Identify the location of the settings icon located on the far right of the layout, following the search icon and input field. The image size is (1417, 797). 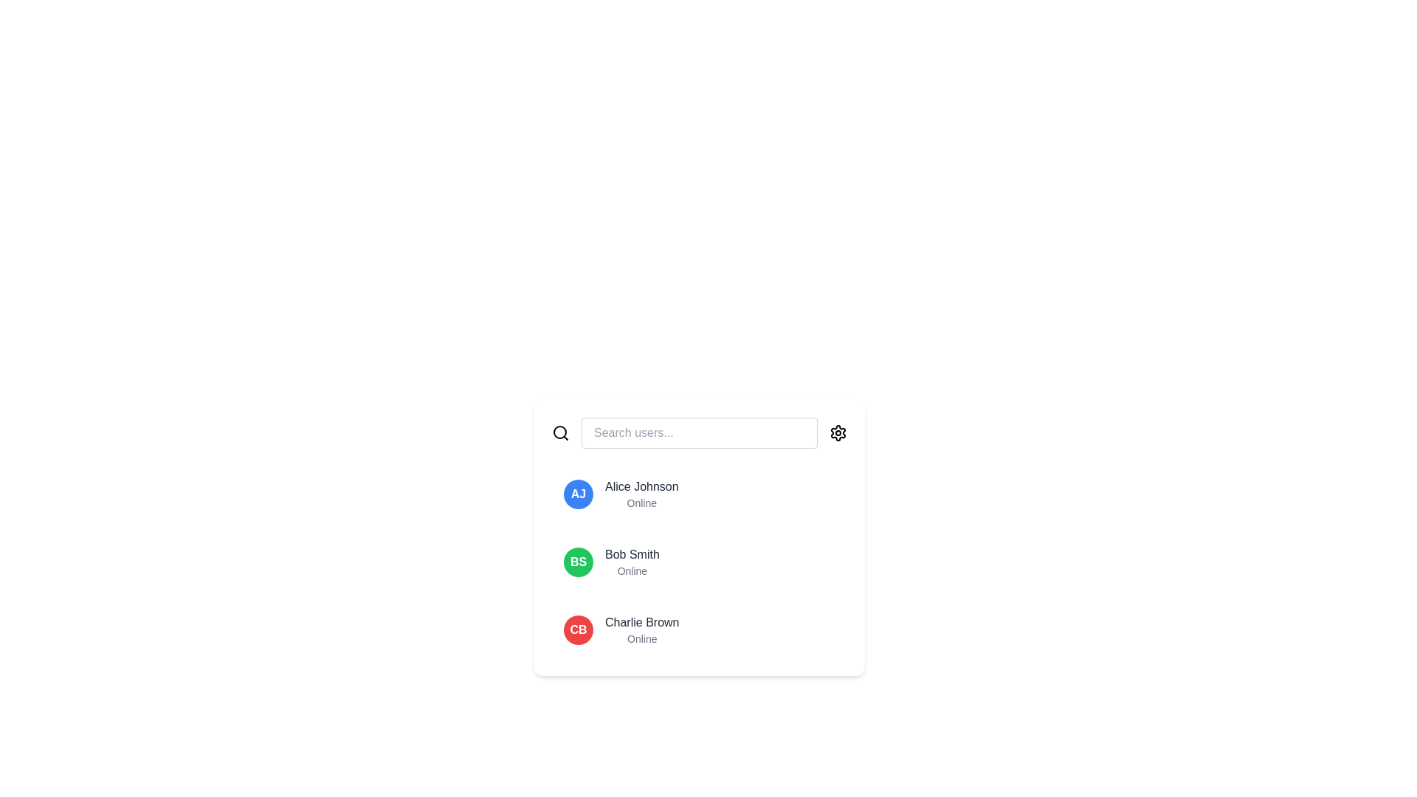
(838, 432).